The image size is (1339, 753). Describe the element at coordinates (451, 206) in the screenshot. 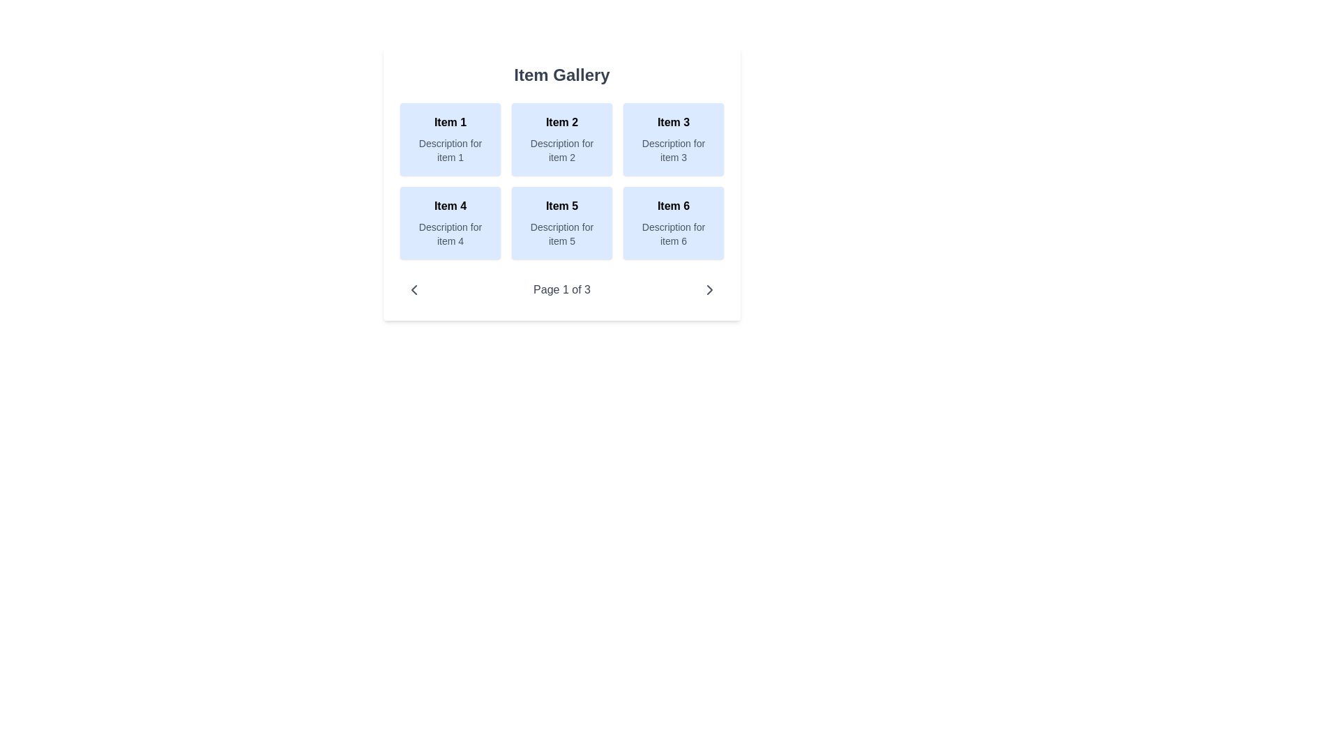

I see `the bold text label displaying 'Item 4' located in the first column of the second row in the 'Item Gallery' section` at that location.